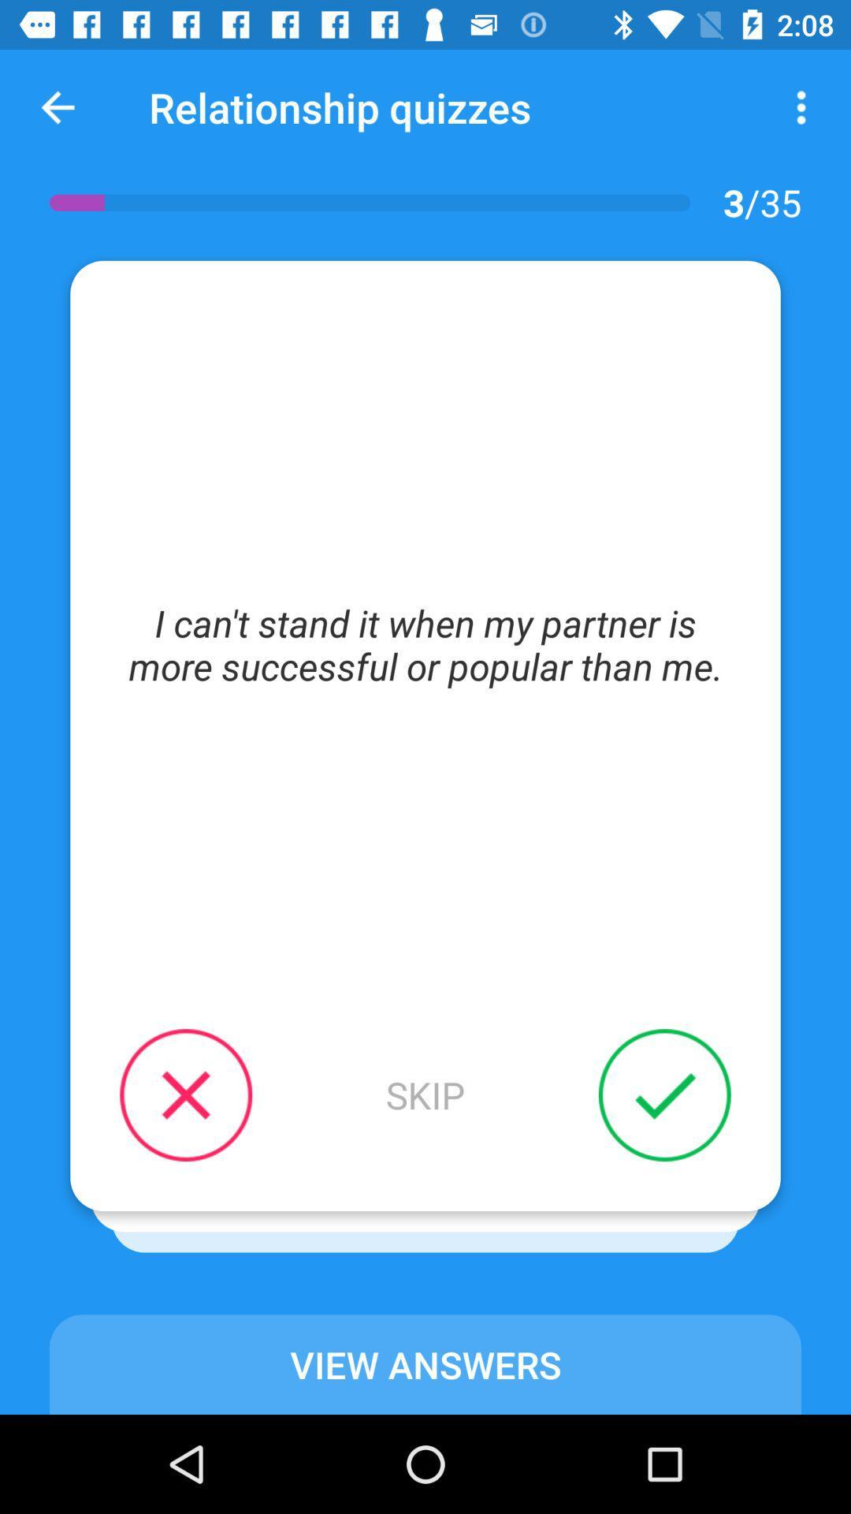 Image resolution: width=851 pixels, height=1514 pixels. What do you see at coordinates (185, 1094) in the screenshot?
I see `the close icon` at bounding box center [185, 1094].